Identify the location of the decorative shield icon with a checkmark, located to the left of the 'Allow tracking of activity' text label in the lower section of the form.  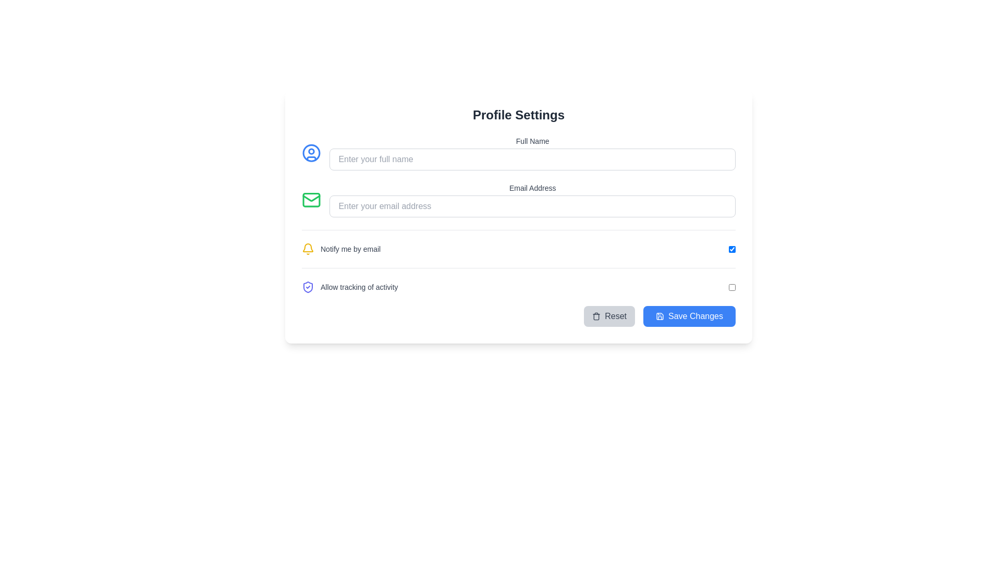
(307, 287).